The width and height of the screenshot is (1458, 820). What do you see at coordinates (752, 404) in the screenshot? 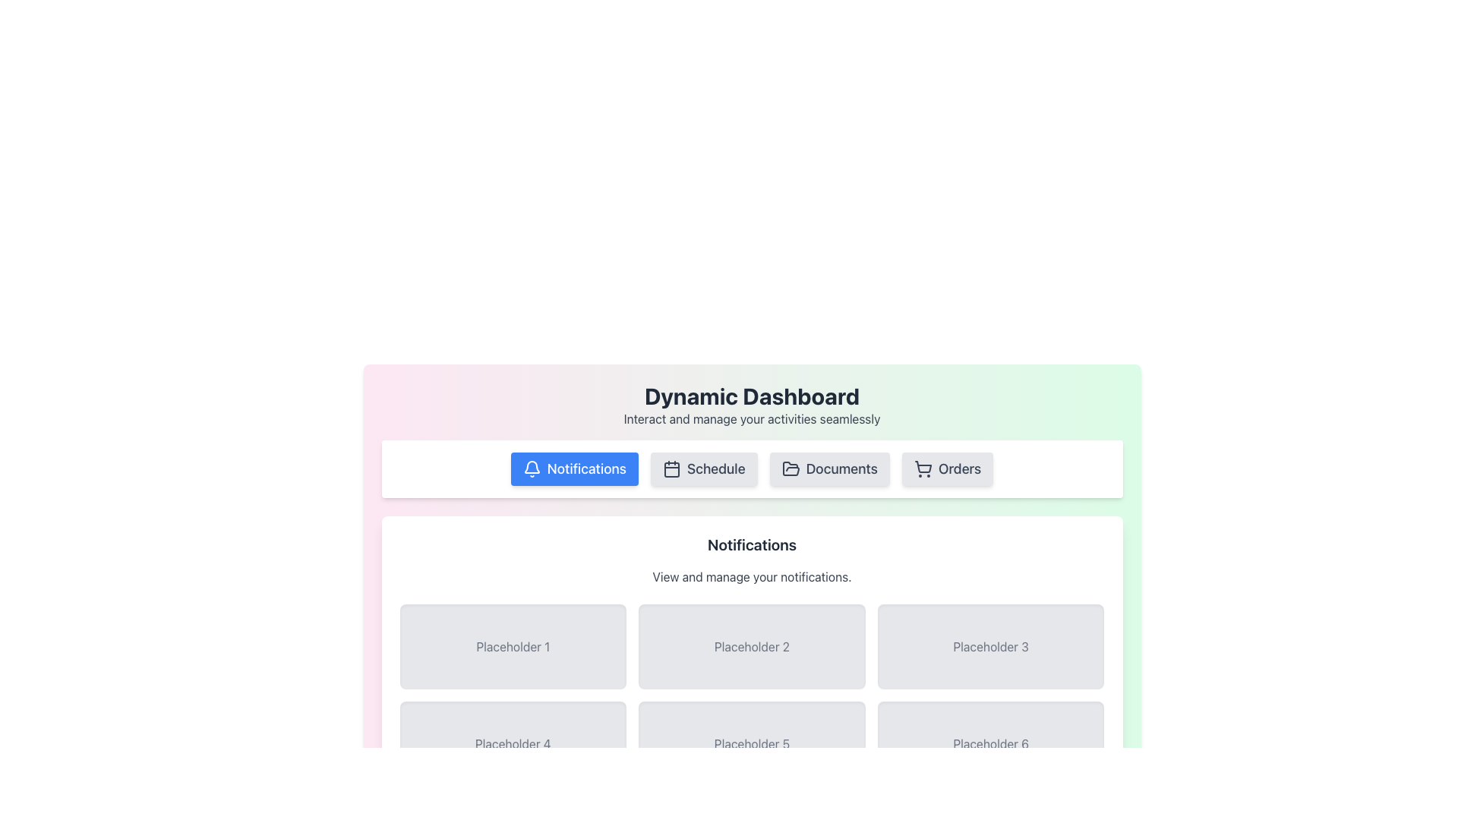
I see `the title and subtitle Text Block located at the top-center of the interface, which provides an overview of the dashboard's purpose and functionality` at bounding box center [752, 404].